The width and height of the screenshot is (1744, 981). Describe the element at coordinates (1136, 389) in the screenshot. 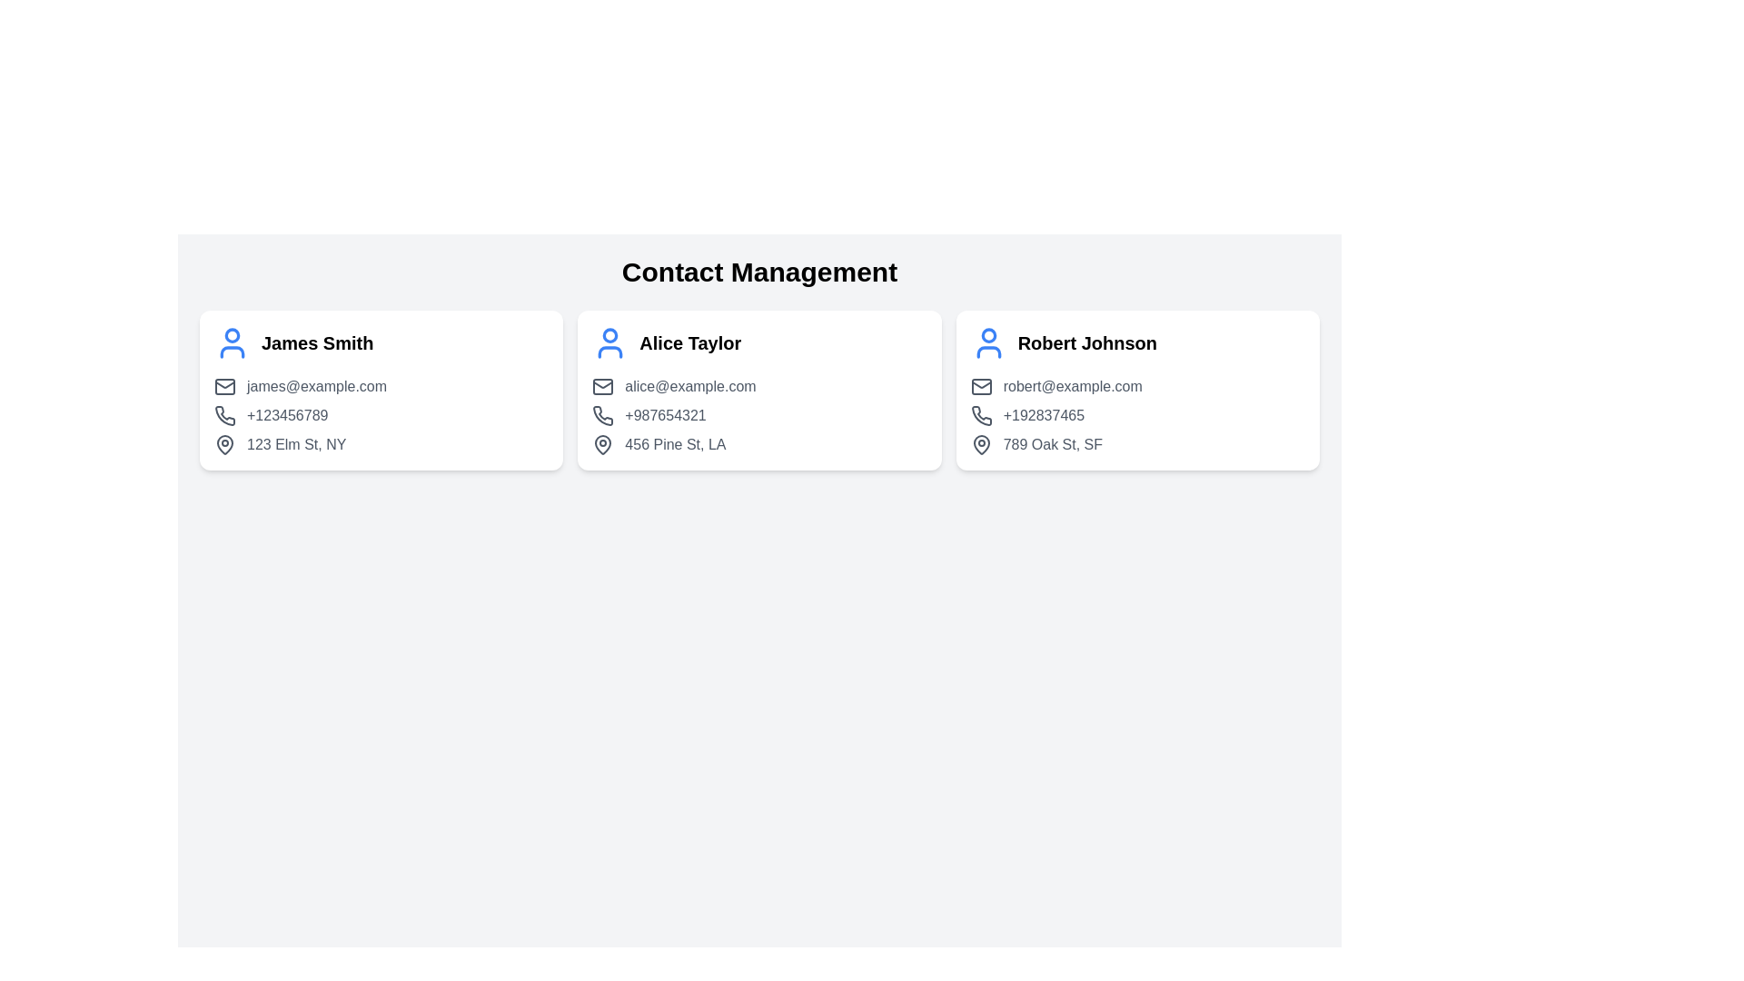

I see `details displayed on the Information card for 'Robert Johnson', which is a white card with rounded corners and a blue user profile icon at the top left` at that location.